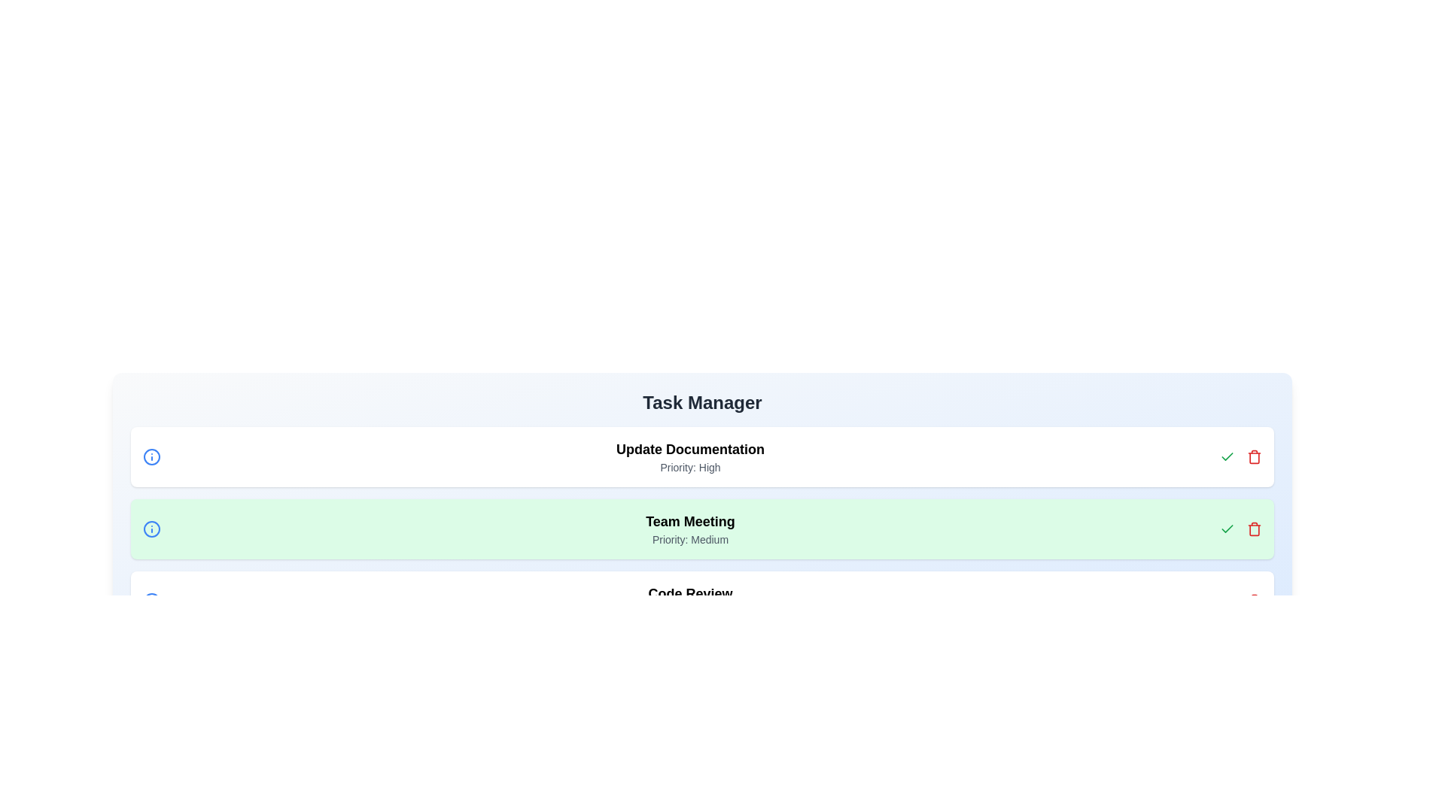 The width and height of the screenshot is (1445, 812). What do you see at coordinates (151, 529) in the screenshot?
I see `the information icon of the task with priority Medium` at bounding box center [151, 529].